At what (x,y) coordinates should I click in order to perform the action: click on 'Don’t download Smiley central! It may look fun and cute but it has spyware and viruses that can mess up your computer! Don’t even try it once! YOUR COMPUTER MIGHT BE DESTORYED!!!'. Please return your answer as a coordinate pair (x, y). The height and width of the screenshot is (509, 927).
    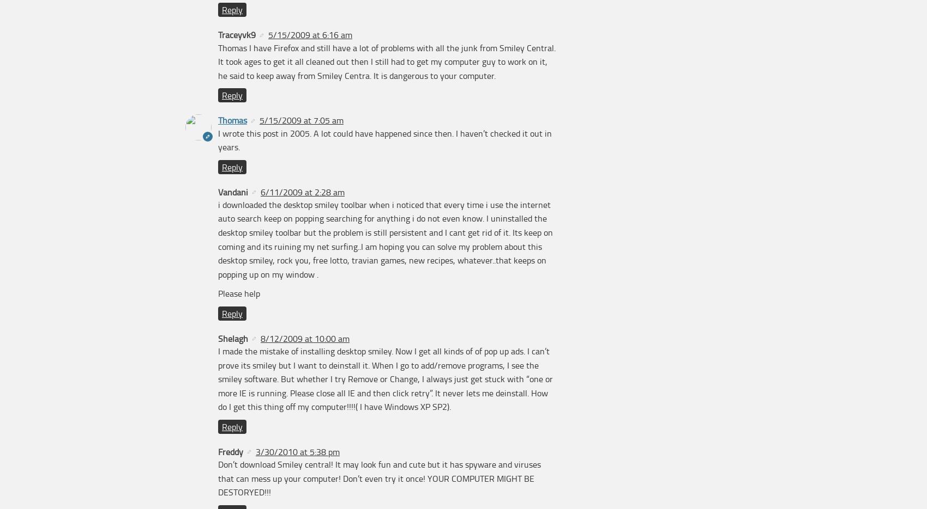
    Looking at the image, I should click on (379, 477).